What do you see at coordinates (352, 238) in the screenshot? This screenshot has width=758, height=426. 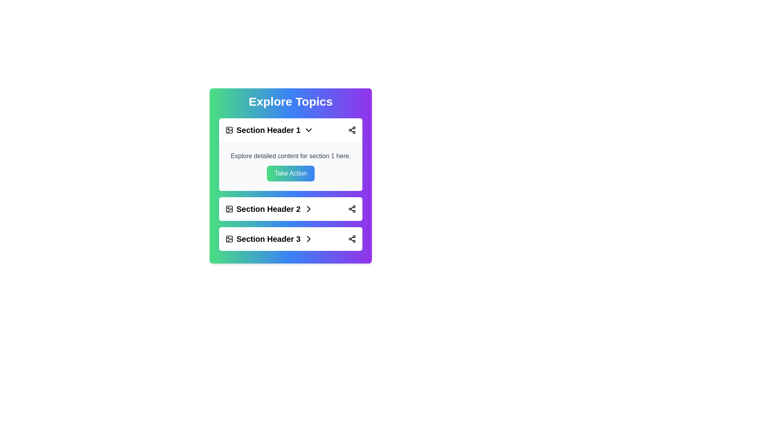 I see `the share icon, which is a minimalist outline styled icon located at the bottom-right corner of the 'Section Header 3' card` at bounding box center [352, 238].